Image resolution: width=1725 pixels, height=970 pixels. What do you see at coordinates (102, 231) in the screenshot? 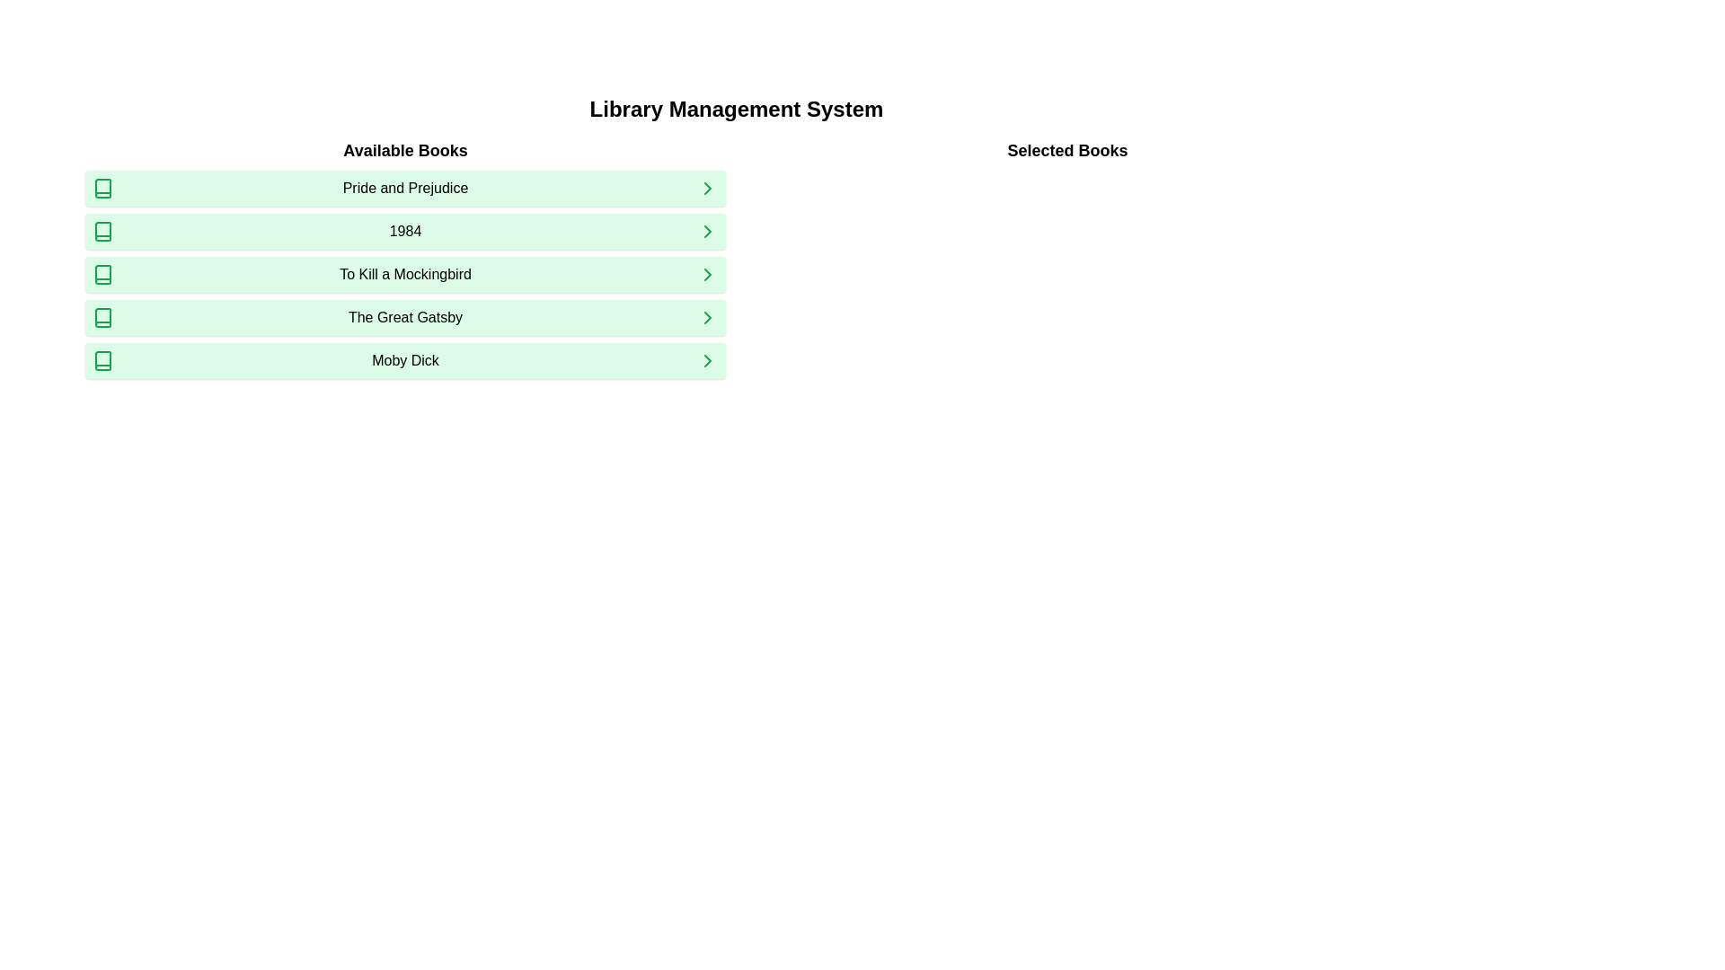
I see `the book icon with a green outline located within the rectangular button next to the text '1984' in the 'Available Books' section` at bounding box center [102, 231].